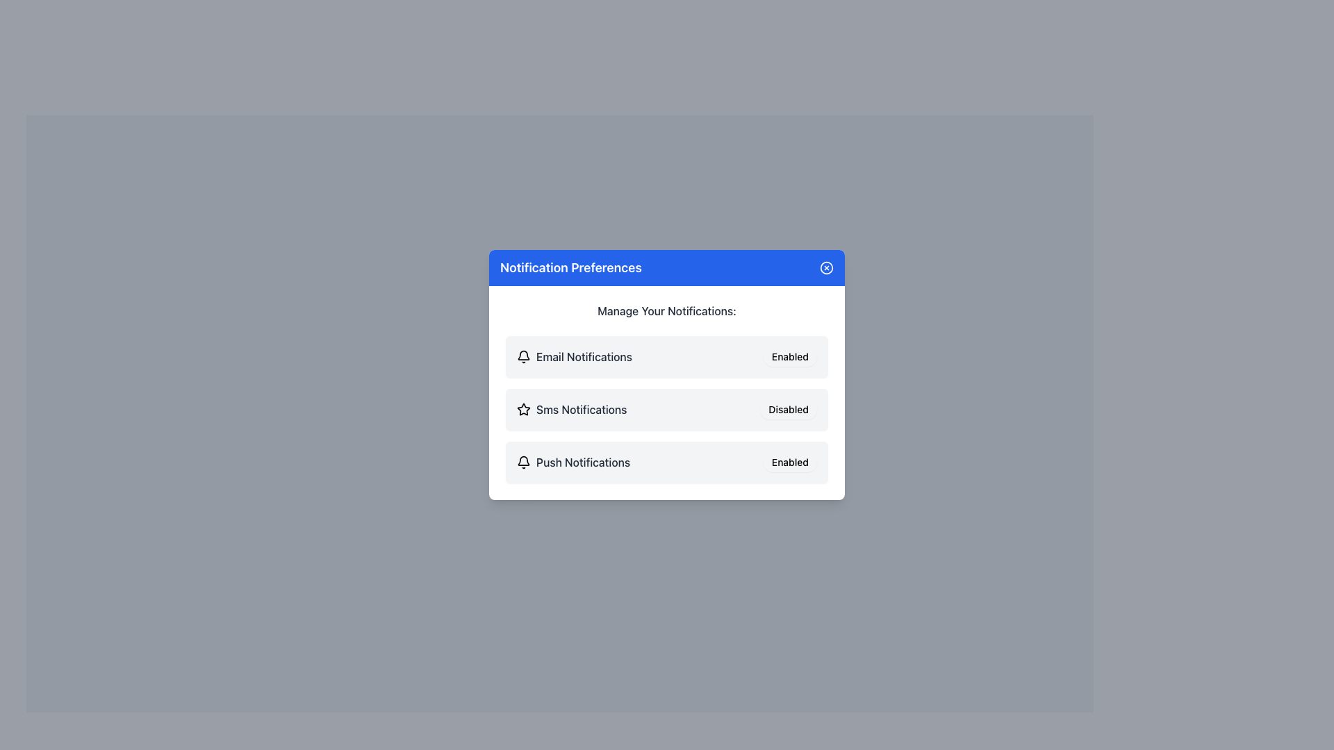  What do you see at coordinates (790, 462) in the screenshot?
I see `the 'Enabled' button, which is a rounded rectangular button indicating a toggled status in the 'Notification Preferences' dialog box, located on the right-hand side of the 'Push Notifications' section` at bounding box center [790, 462].